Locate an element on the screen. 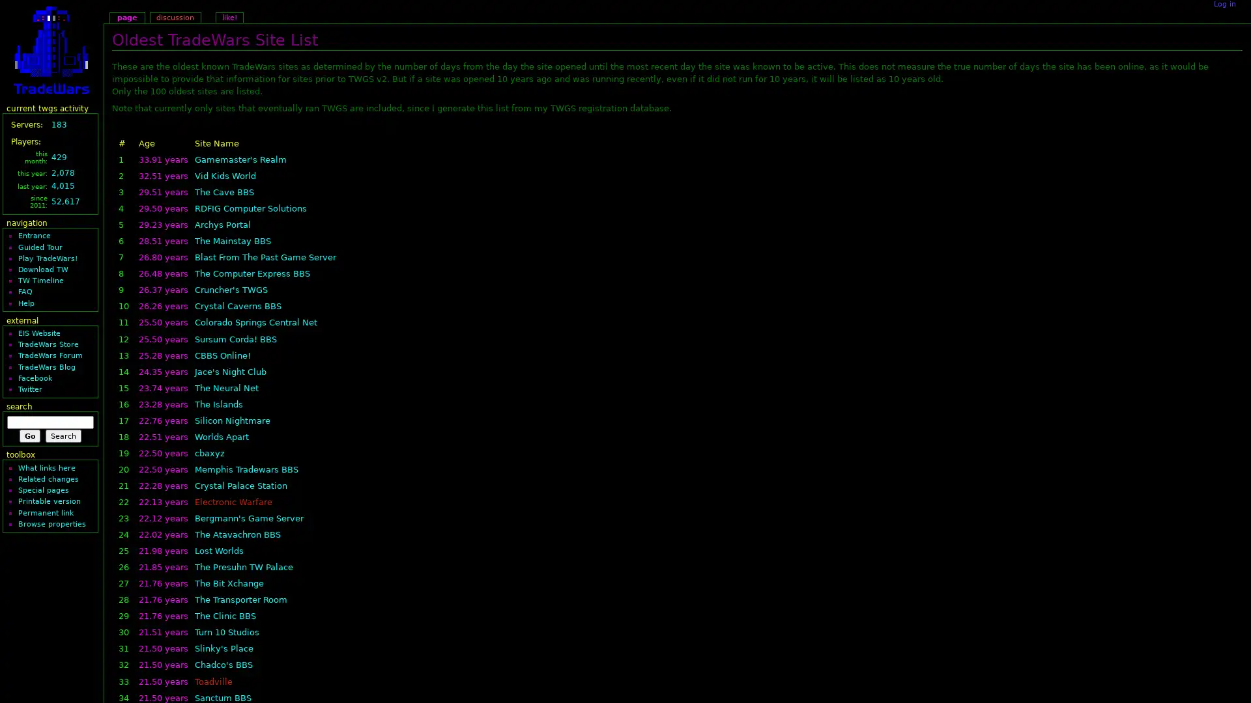 Image resolution: width=1251 pixels, height=703 pixels. Search is located at coordinates (63, 436).